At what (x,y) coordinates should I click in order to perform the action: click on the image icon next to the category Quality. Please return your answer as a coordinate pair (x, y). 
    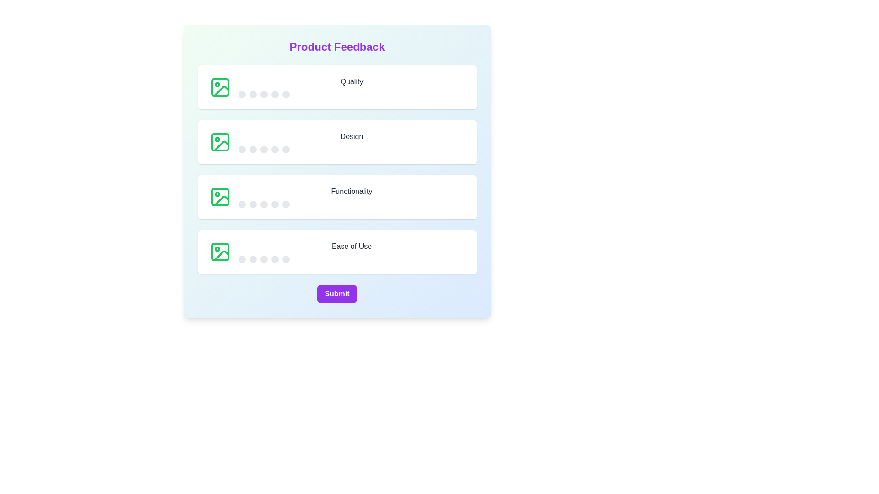
    Looking at the image, I should click on (220, 87).